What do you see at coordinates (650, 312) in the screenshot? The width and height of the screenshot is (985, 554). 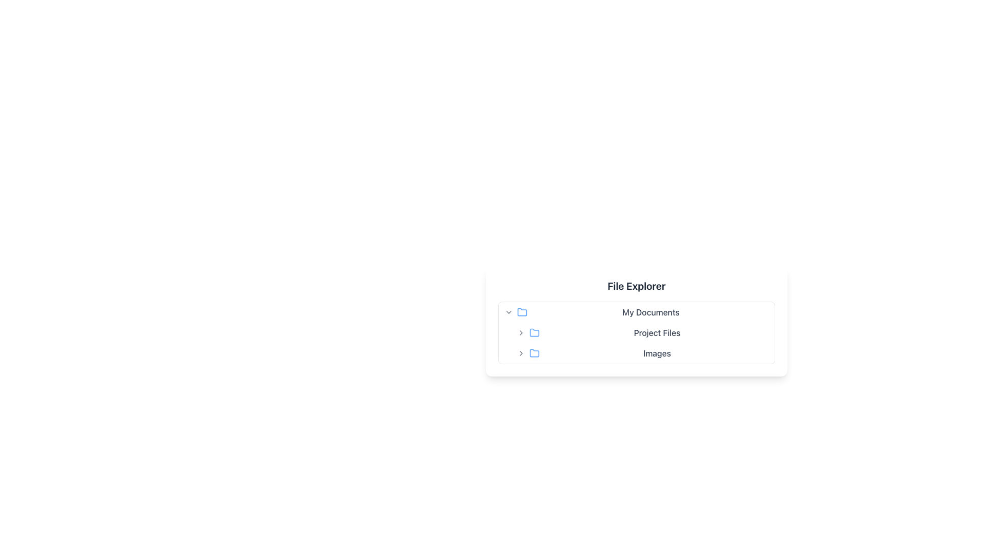 I see `the 'My Documents' text label, which is part of the file explorer sidebar menu, located after a blue folder icon and adjacent to a dropdown toggle icon` at bounding box center [650, 312].